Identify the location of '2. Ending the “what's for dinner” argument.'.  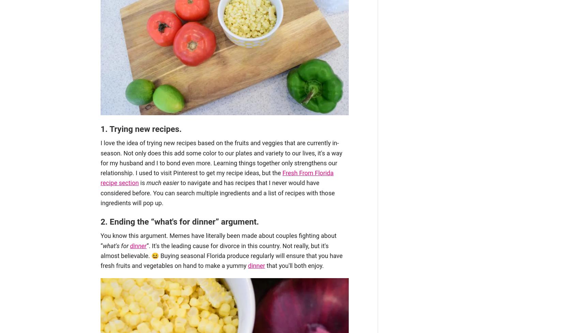
(179, 221).